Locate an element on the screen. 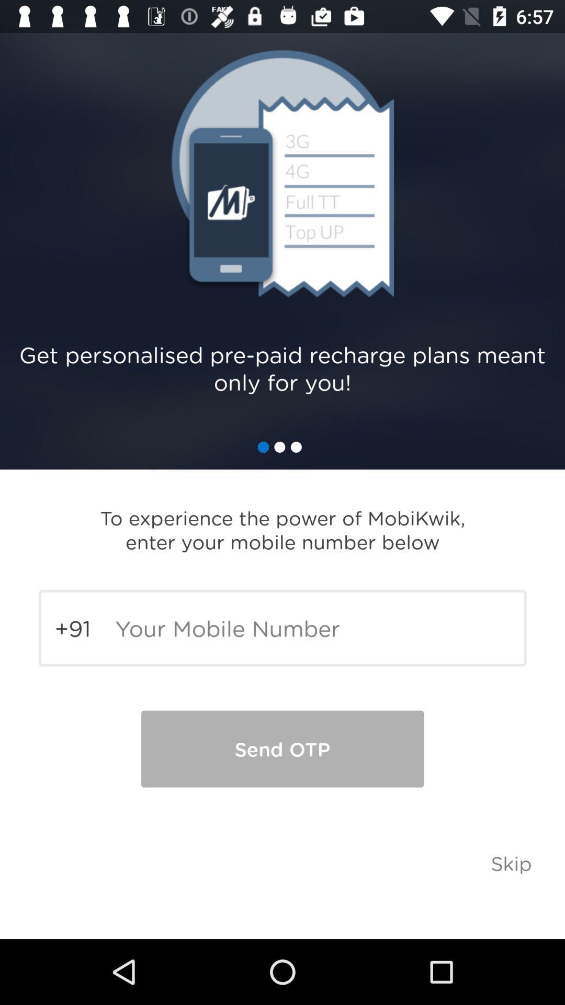 Image resolution: width=565 pixels, height=1005 pixels. the mobile number is located at coordinates (282, 628).